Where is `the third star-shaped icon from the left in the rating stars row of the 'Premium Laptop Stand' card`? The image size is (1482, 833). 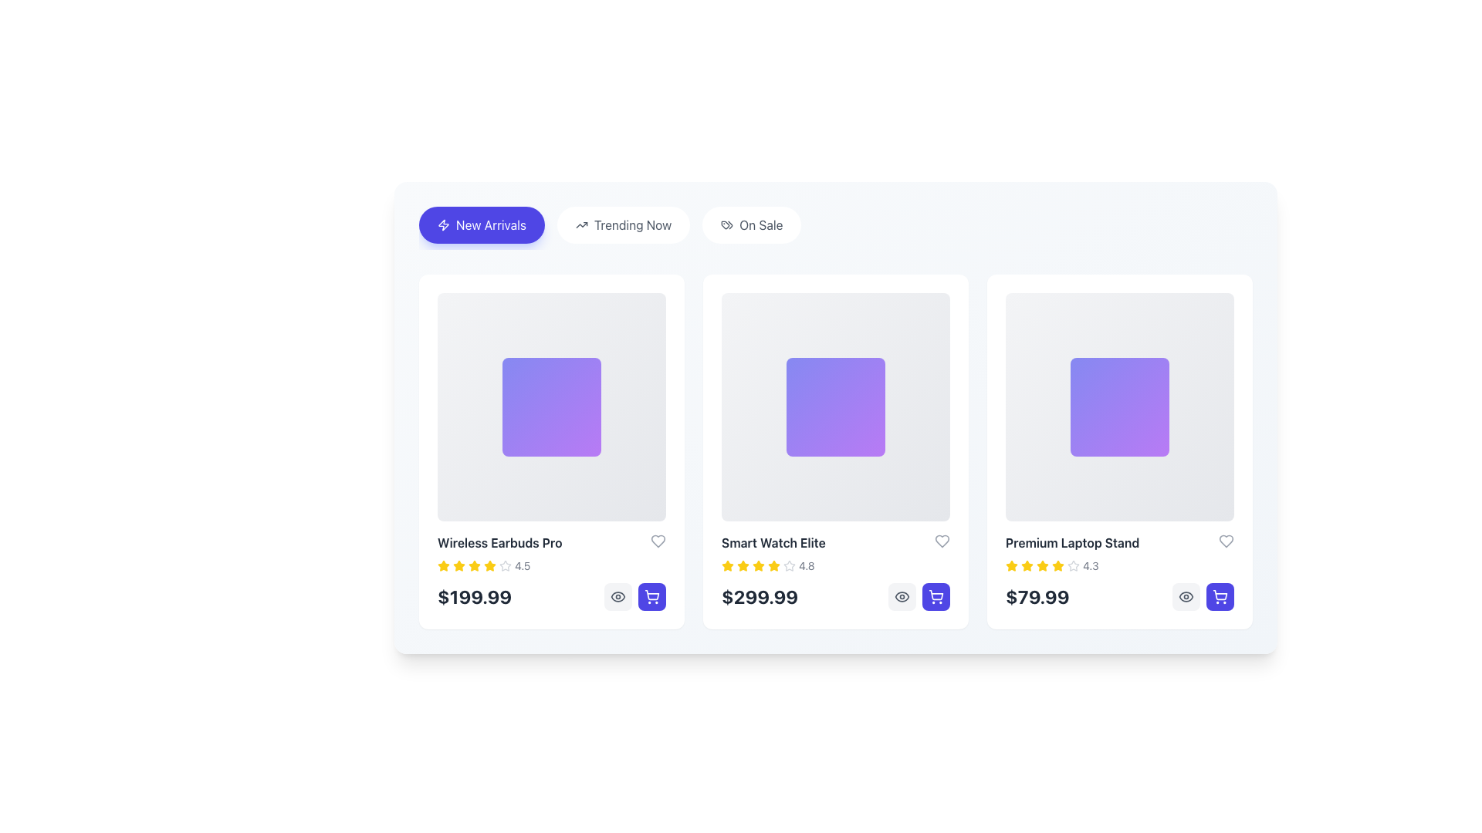 the third star-shaped icon from the left in the rating stars row of the 'Premium Laptop Stand' card is located at coordinates (1042, 565).